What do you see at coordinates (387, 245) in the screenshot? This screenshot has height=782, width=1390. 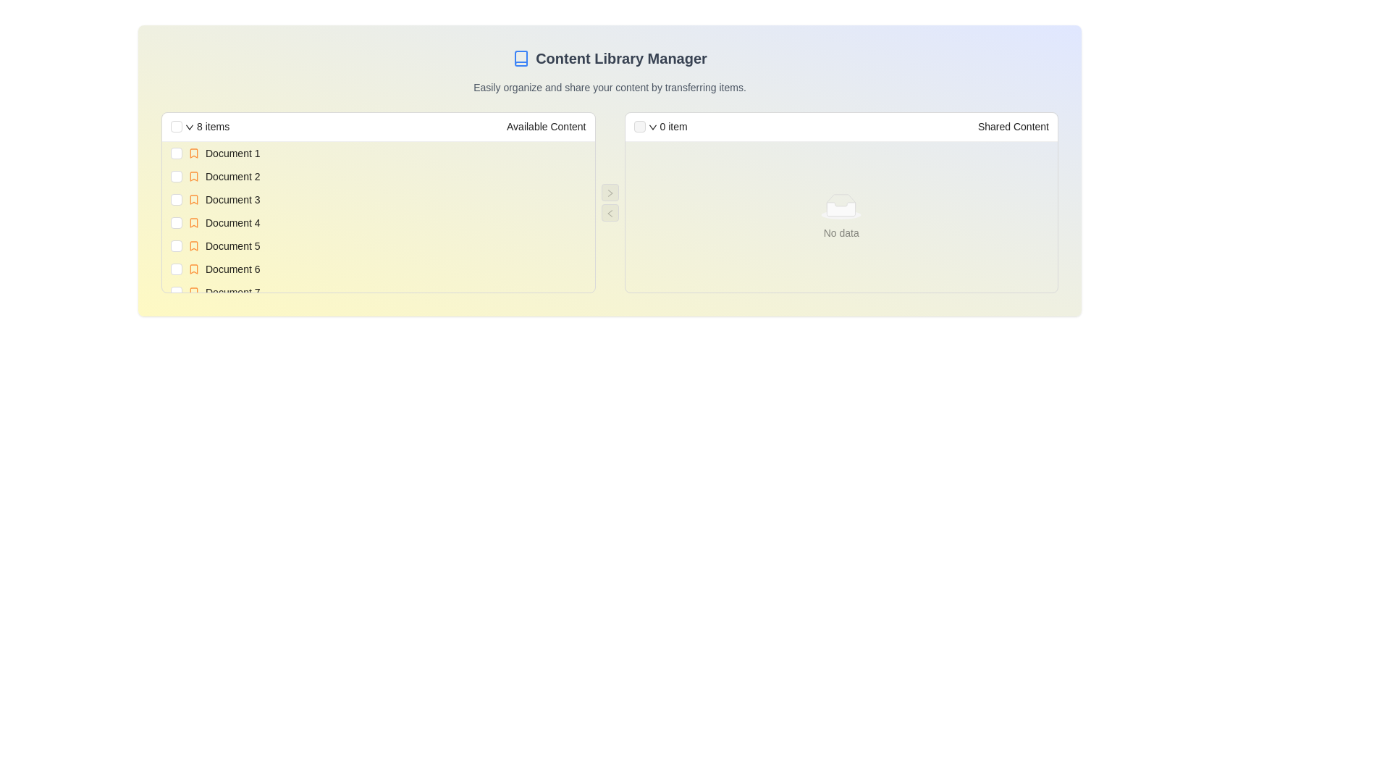 I see `the list item labeled 'Document 5'` at bounding box center [387, 245].